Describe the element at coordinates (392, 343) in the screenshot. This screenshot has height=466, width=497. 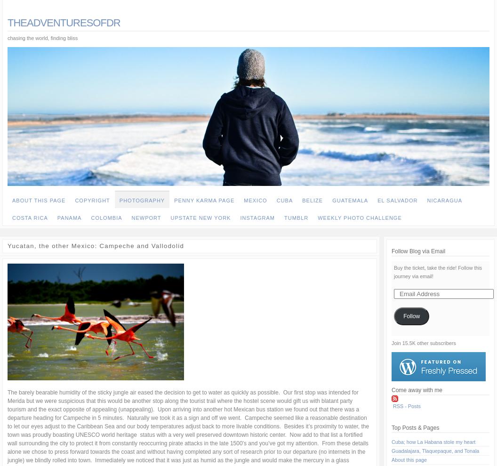
I see `'Join 15.5K other subscribers'` at that location.